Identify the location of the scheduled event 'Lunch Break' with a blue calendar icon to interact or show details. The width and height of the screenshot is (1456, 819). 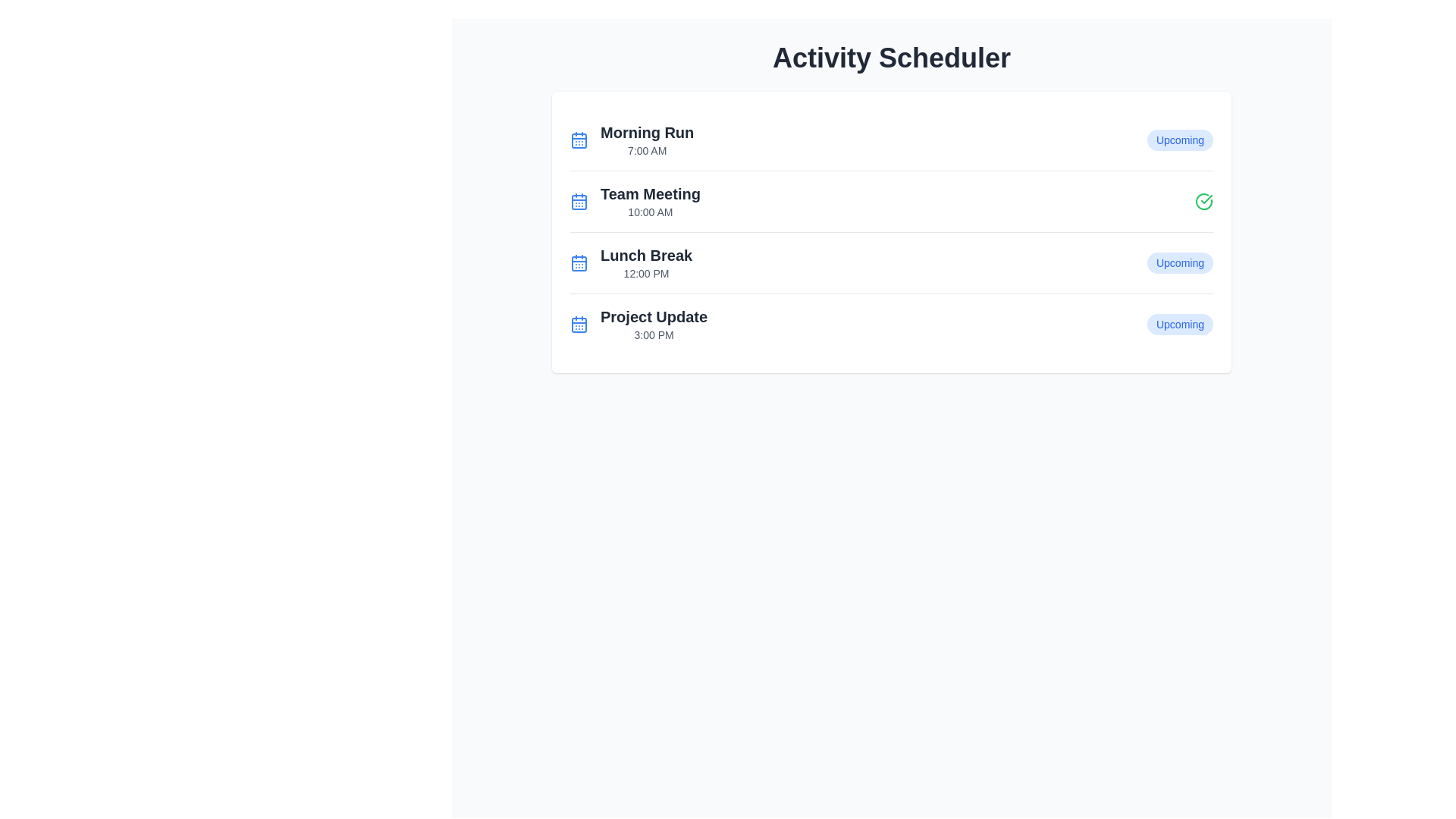
(631, 262).